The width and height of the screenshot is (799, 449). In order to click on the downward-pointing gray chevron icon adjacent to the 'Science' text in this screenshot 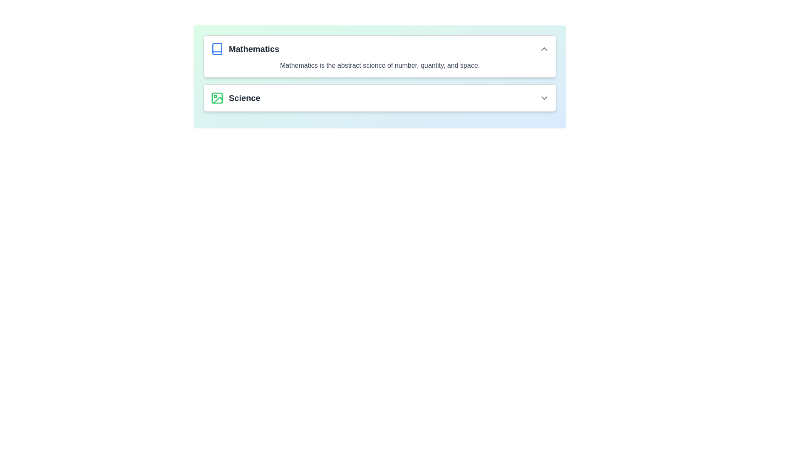, I will do `click(544, 97)`.